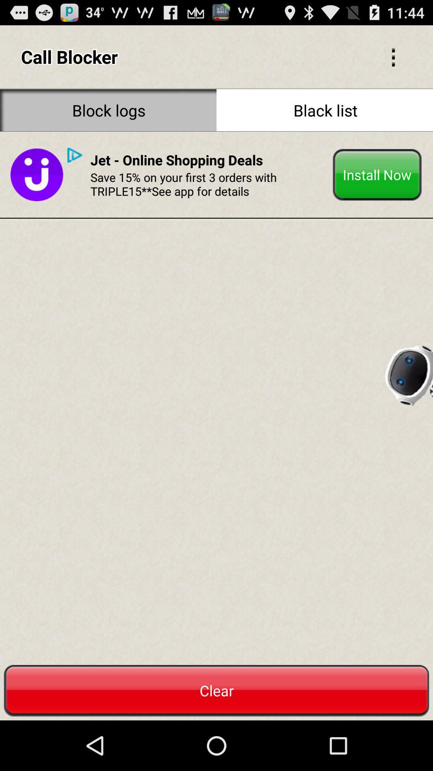  I want to click on the button next to install now icon, so click(176, 160).